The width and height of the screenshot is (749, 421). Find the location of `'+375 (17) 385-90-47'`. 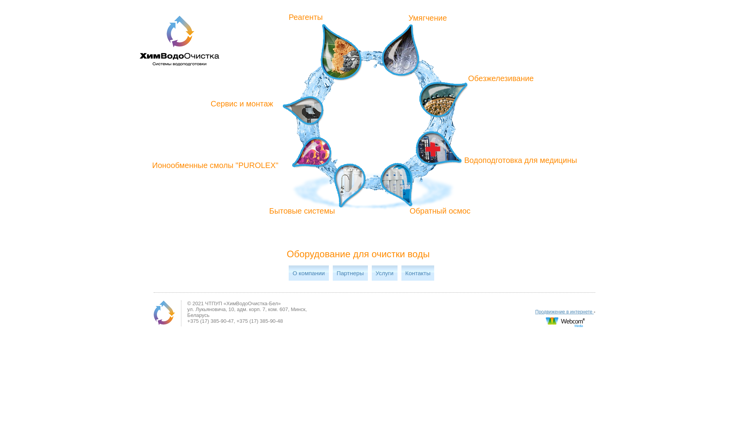

'+375 (17) 385-90-47' is located at coordinates (210, 321).